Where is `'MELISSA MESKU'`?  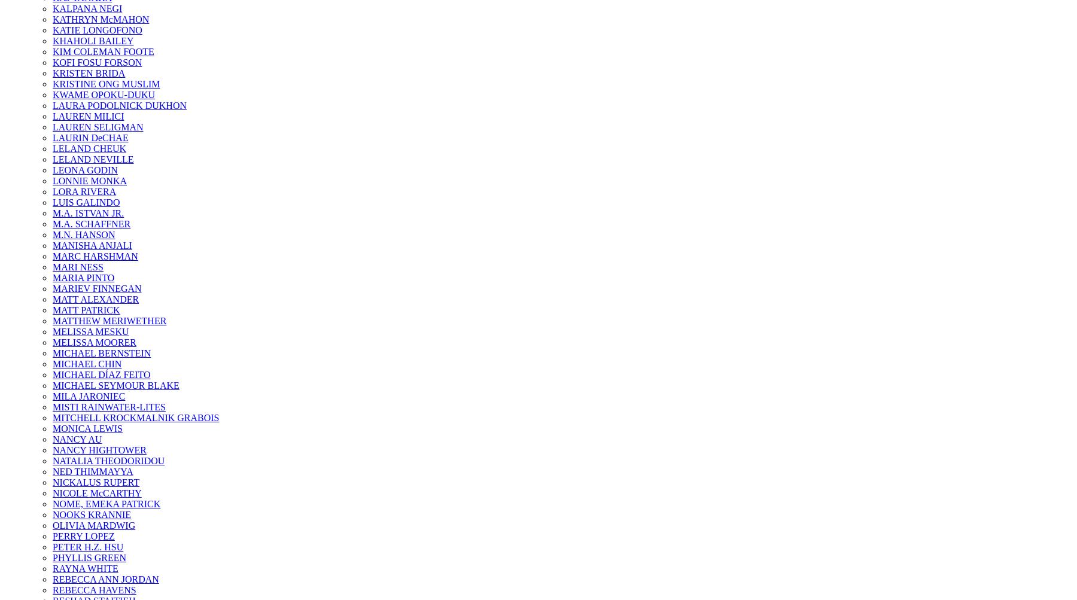 'MELISSA MESKU' is located at coordinates (90, 331).